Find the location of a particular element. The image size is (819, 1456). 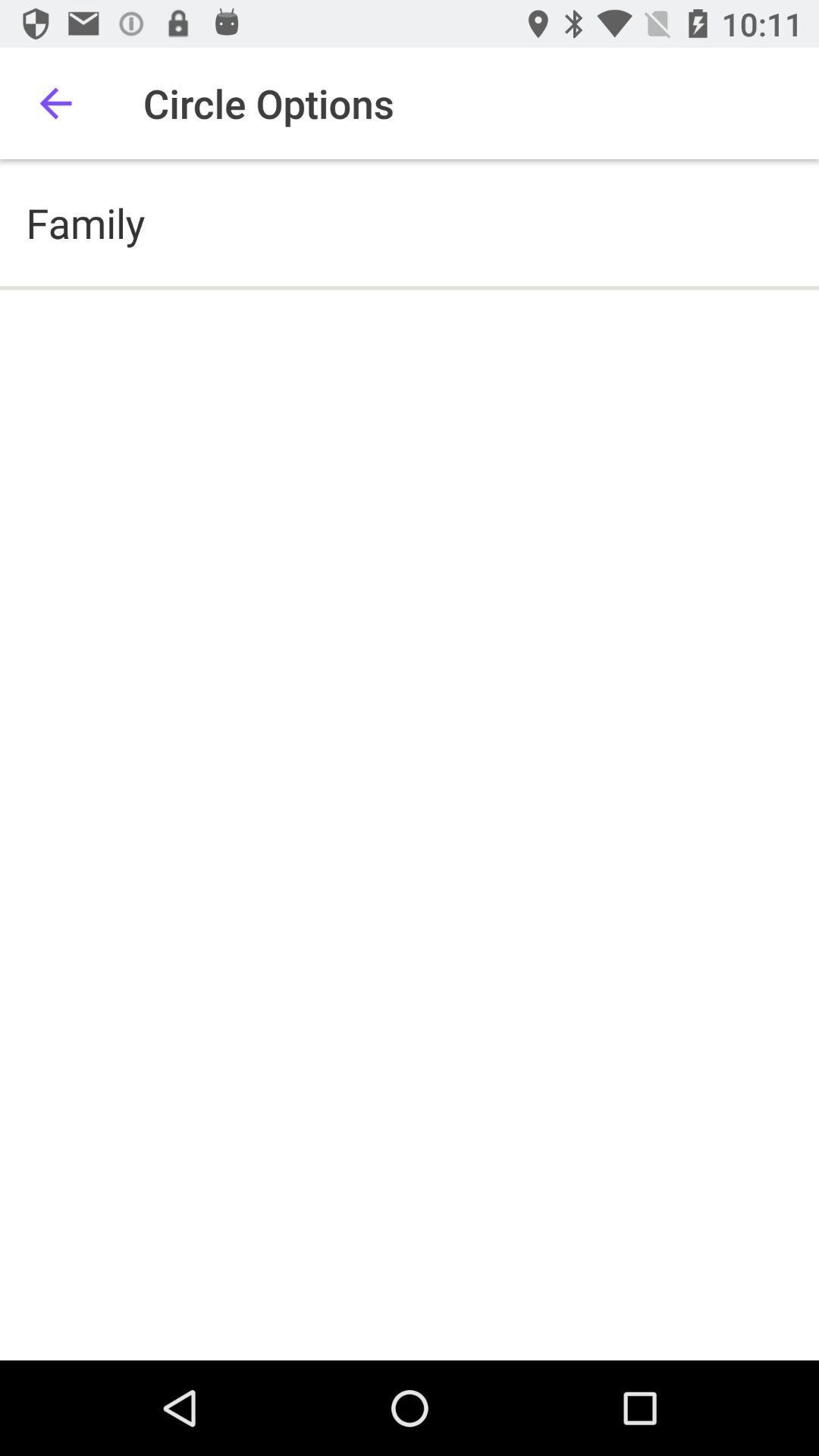

icon to the left of the circle options is located at coordinates (55, 102).